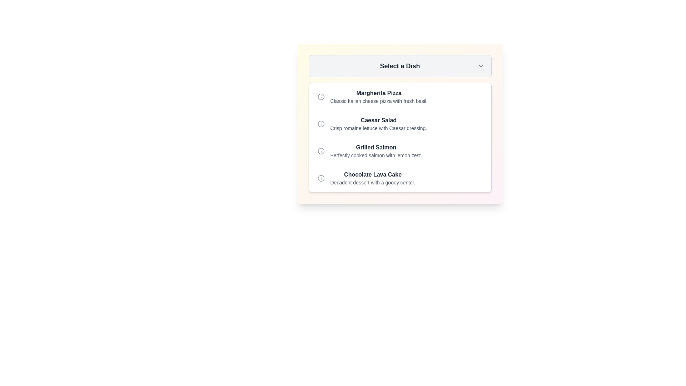 The image size is (686, 386). What do you see at coordinates (320, 124) in the screenshot?
I see `the information icon located to the left of the text 'Caesar Salad' in the options list` at bounding box center [320, 124].